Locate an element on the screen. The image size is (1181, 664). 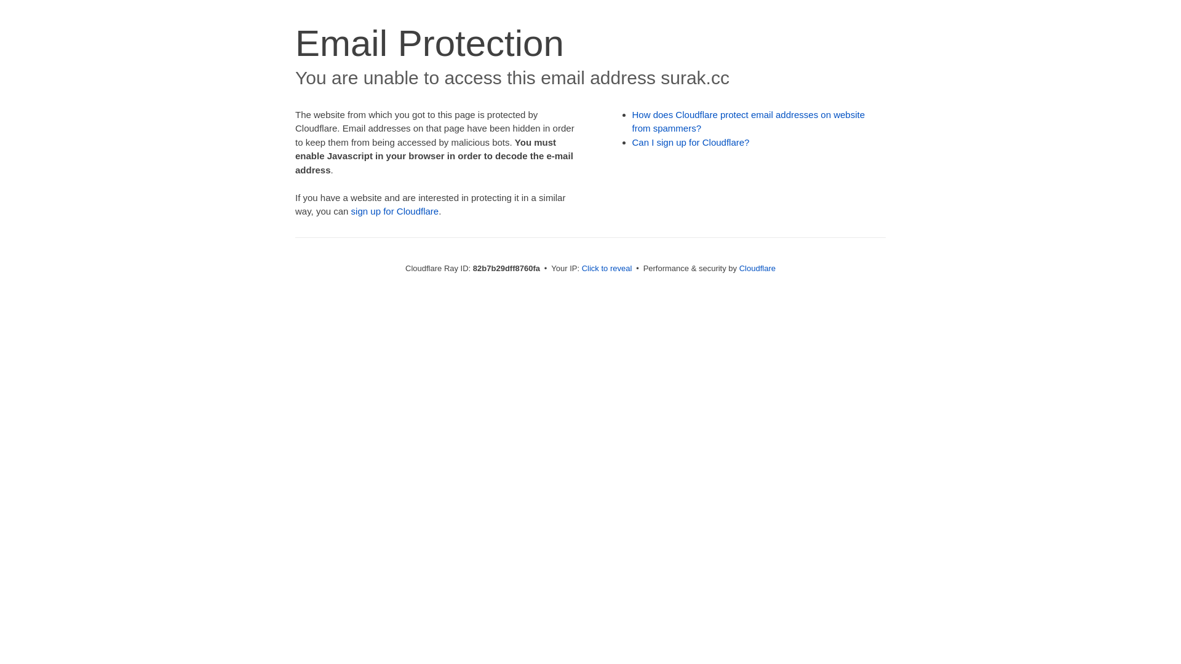
'Cloudflare' is located at coordinates (757, 267).